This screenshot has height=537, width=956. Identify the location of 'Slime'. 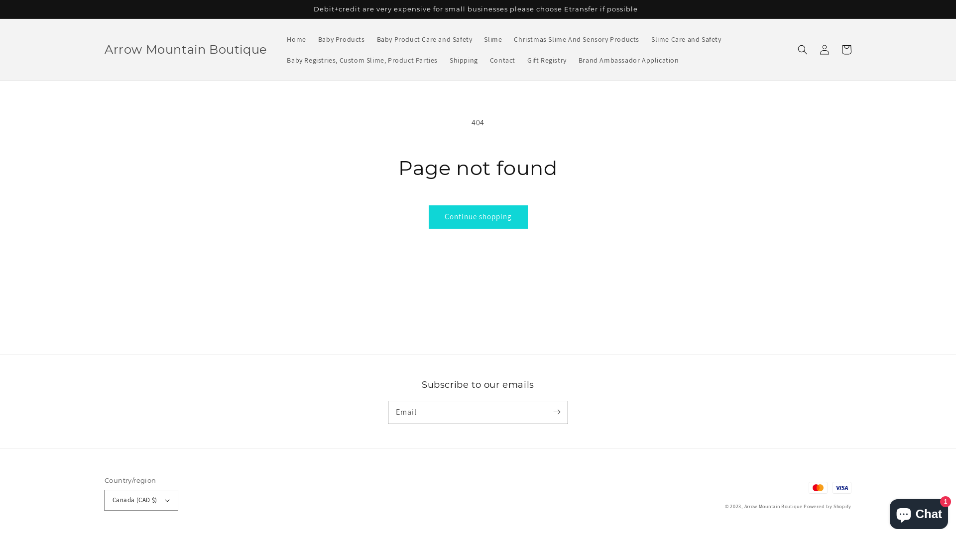
(492, 38).